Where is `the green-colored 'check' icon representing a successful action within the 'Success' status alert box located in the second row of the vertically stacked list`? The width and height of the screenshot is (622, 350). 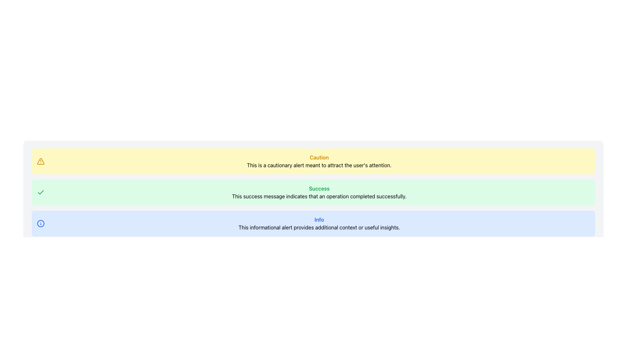 the green-colored 'check' icon representing a successful action within the 'Success' status alert box located in the second row of the vertically stacked list is located at coordinates (40, 192).